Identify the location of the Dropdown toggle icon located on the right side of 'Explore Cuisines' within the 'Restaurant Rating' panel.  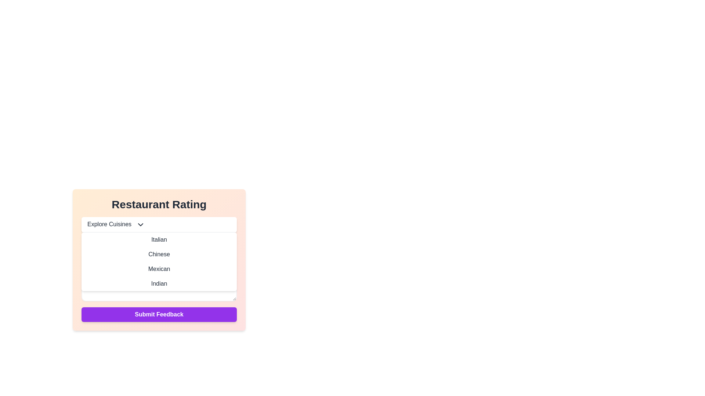
(140, 224).